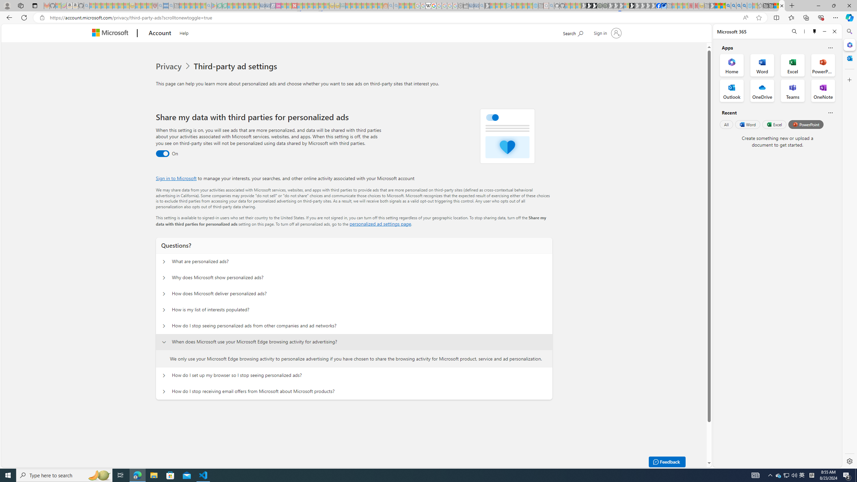  I want to click on 'Third party data sharing toggle', so click(162, 154).